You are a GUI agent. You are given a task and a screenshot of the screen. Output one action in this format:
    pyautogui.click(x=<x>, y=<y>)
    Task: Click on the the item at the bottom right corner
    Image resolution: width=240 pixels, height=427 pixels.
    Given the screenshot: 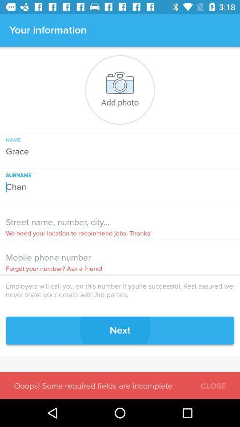 What is the action you would take?
    pyautogui.click(x=212, y=384)
    